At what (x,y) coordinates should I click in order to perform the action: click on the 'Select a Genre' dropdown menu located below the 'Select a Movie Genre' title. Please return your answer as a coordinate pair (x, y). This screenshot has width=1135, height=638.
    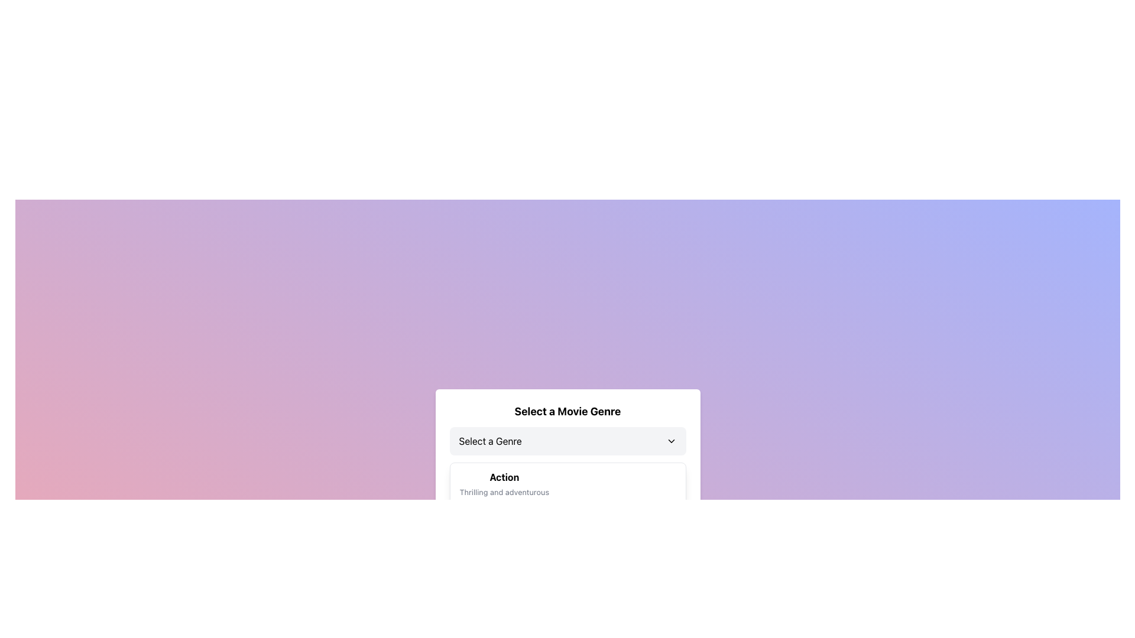
    Looking at the image, I should click on (567, 441).